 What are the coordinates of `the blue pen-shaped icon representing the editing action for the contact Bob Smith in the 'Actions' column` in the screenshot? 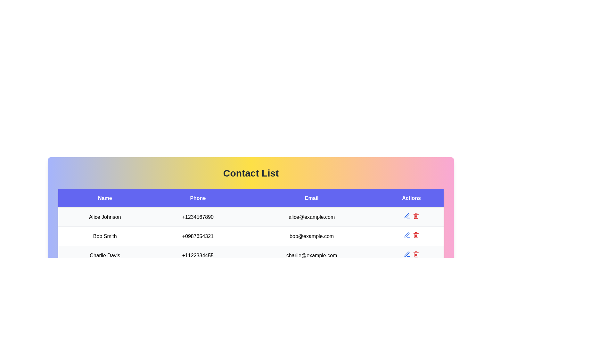 It's located at (406, 235).